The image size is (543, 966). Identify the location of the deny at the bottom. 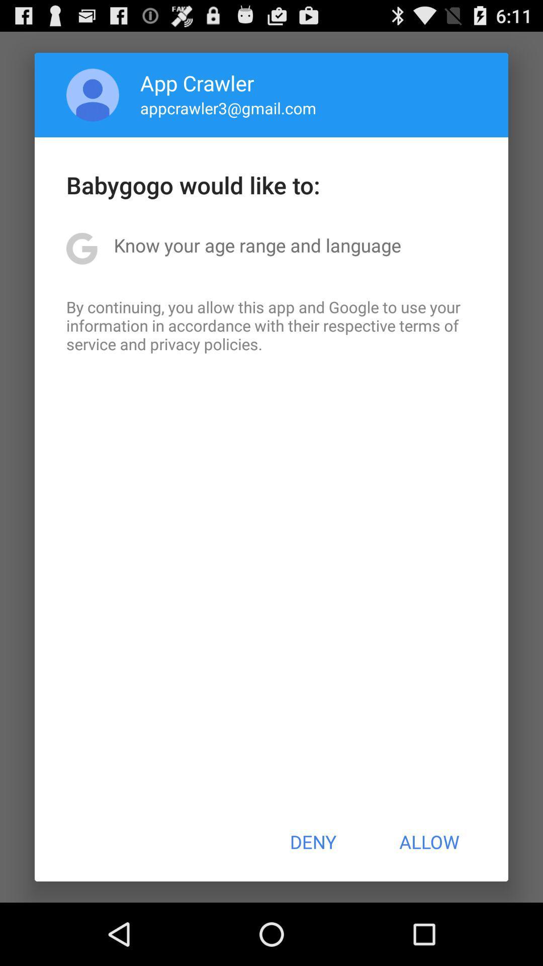
(312, 842).